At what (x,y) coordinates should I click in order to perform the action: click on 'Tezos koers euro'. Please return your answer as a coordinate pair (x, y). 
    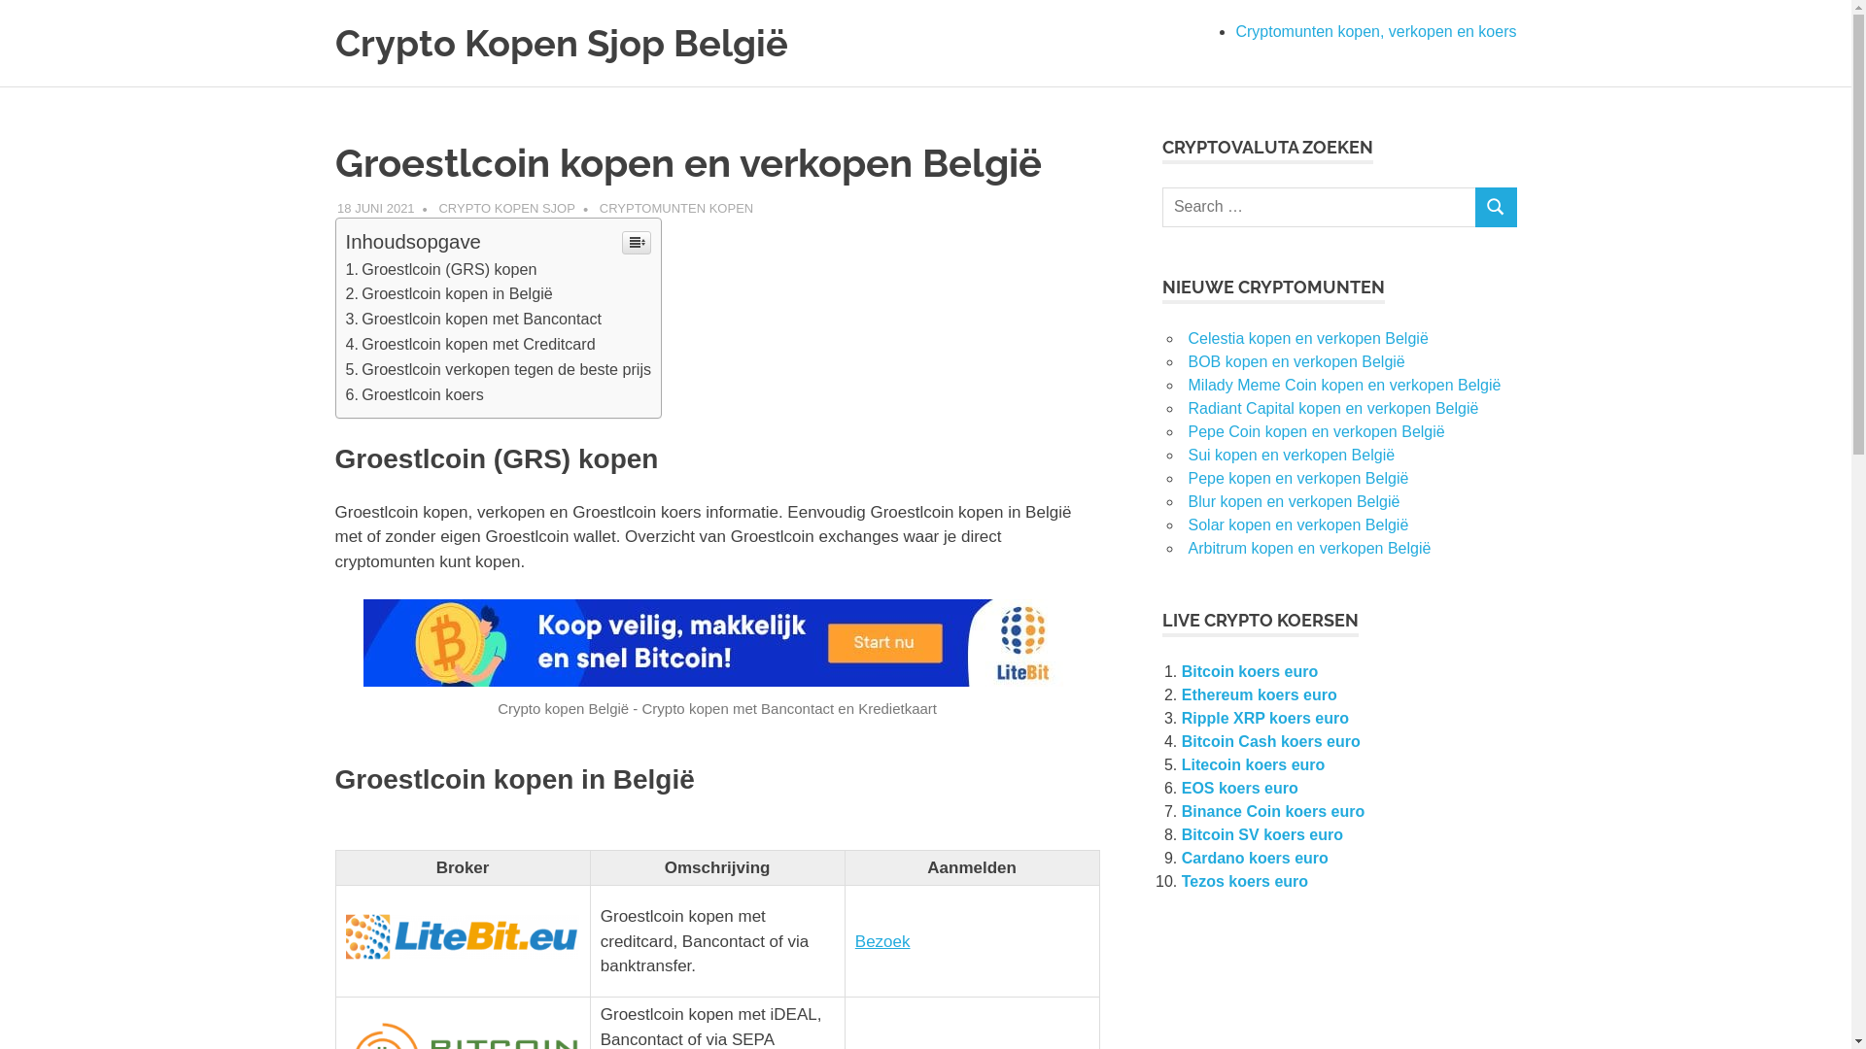
    Looking at the image, I should click on (1245, 881).